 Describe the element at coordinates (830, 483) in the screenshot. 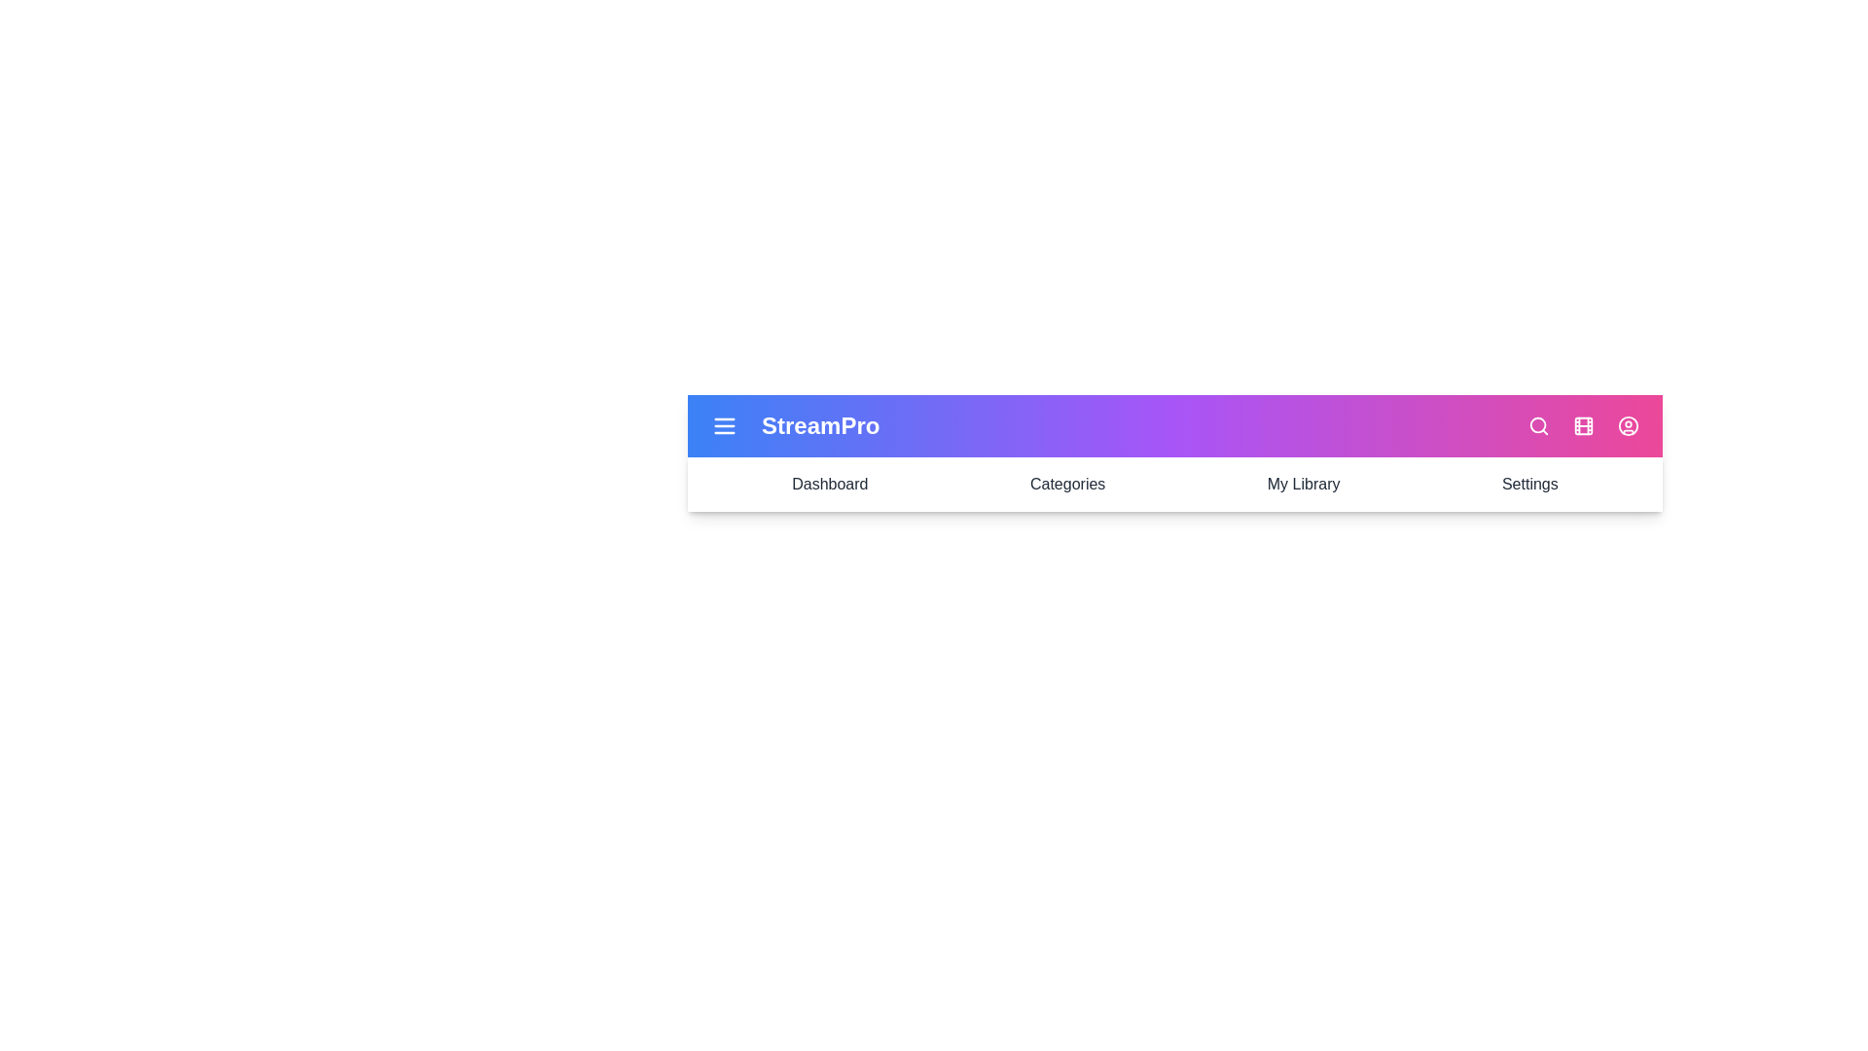

I see `the Dashboard navigation section` at that location.